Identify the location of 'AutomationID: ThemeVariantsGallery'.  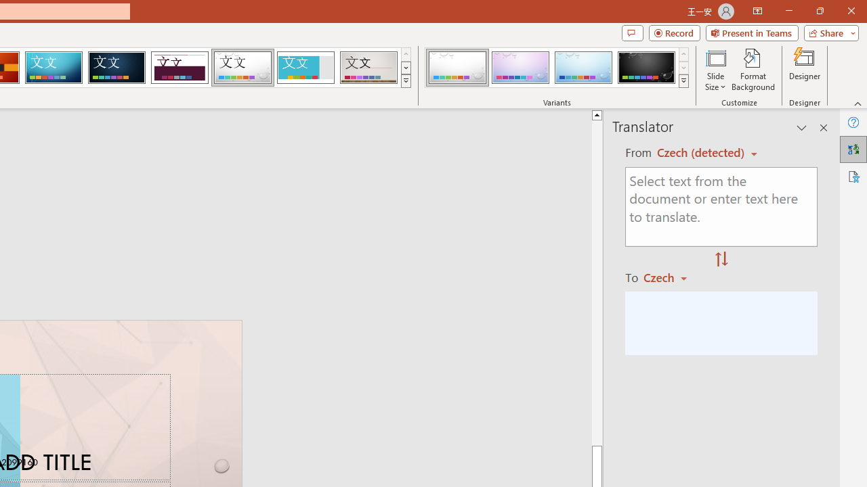
(557, 68).